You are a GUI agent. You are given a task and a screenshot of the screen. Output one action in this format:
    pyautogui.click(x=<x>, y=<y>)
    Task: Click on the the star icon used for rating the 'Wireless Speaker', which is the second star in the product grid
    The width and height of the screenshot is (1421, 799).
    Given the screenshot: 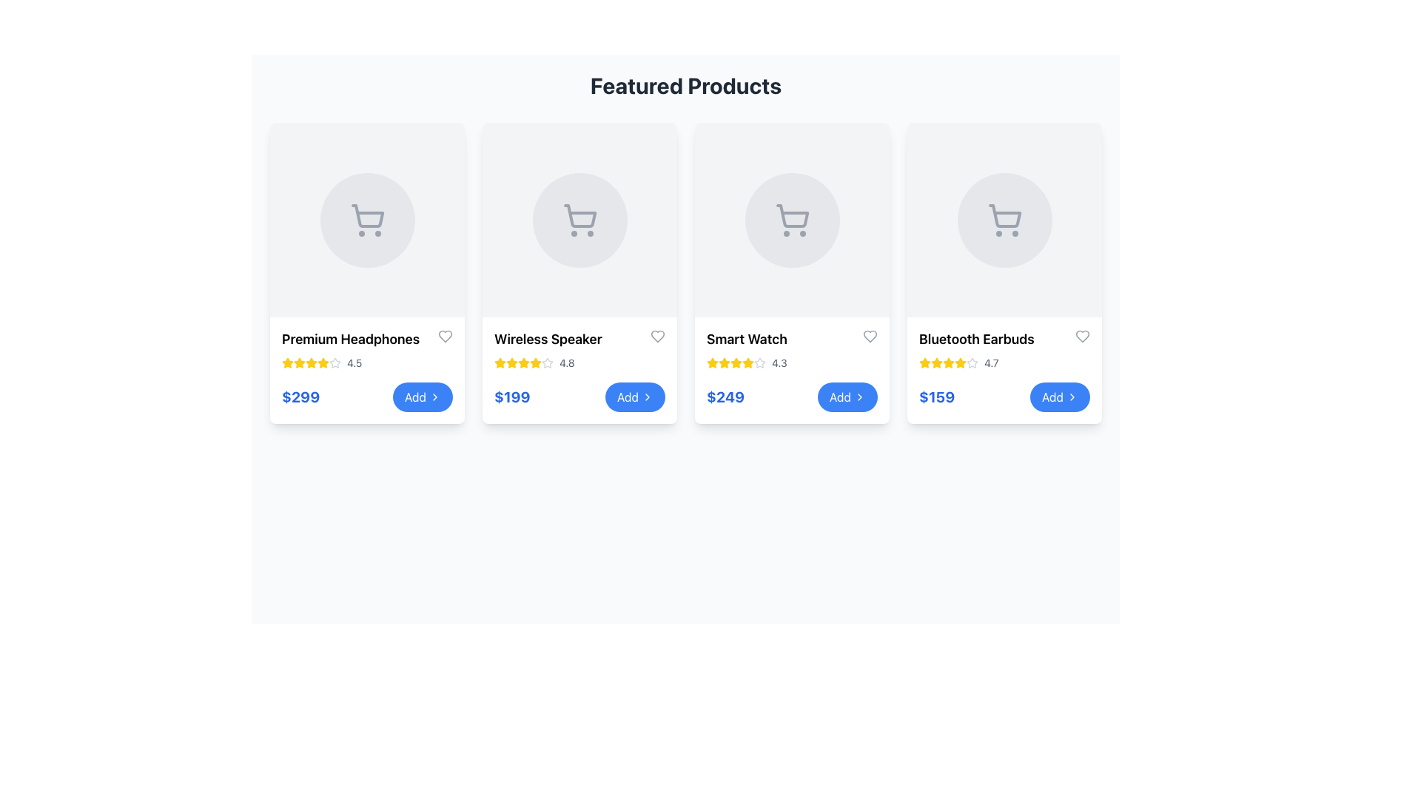 What is the action you would take?
    pyautogui.click(x=535, y=363)
    